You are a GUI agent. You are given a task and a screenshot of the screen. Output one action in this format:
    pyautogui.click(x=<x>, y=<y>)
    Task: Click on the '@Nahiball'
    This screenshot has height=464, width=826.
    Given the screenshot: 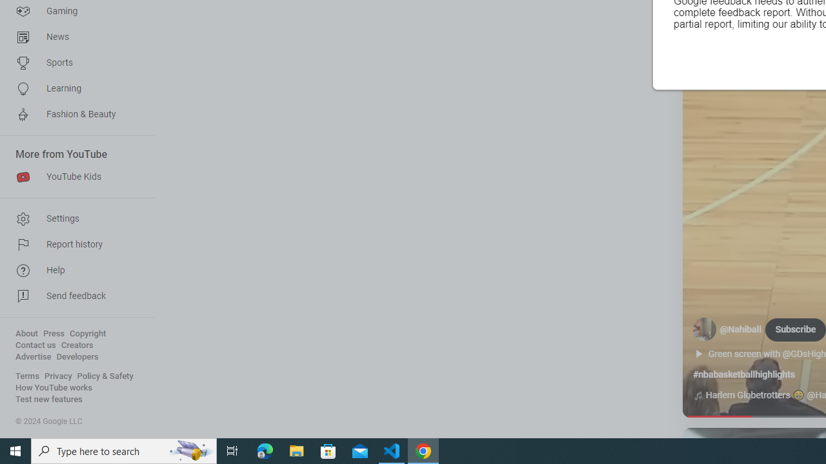 What is the action you would take?
    pyautogui.click(x=741, y=329)
    